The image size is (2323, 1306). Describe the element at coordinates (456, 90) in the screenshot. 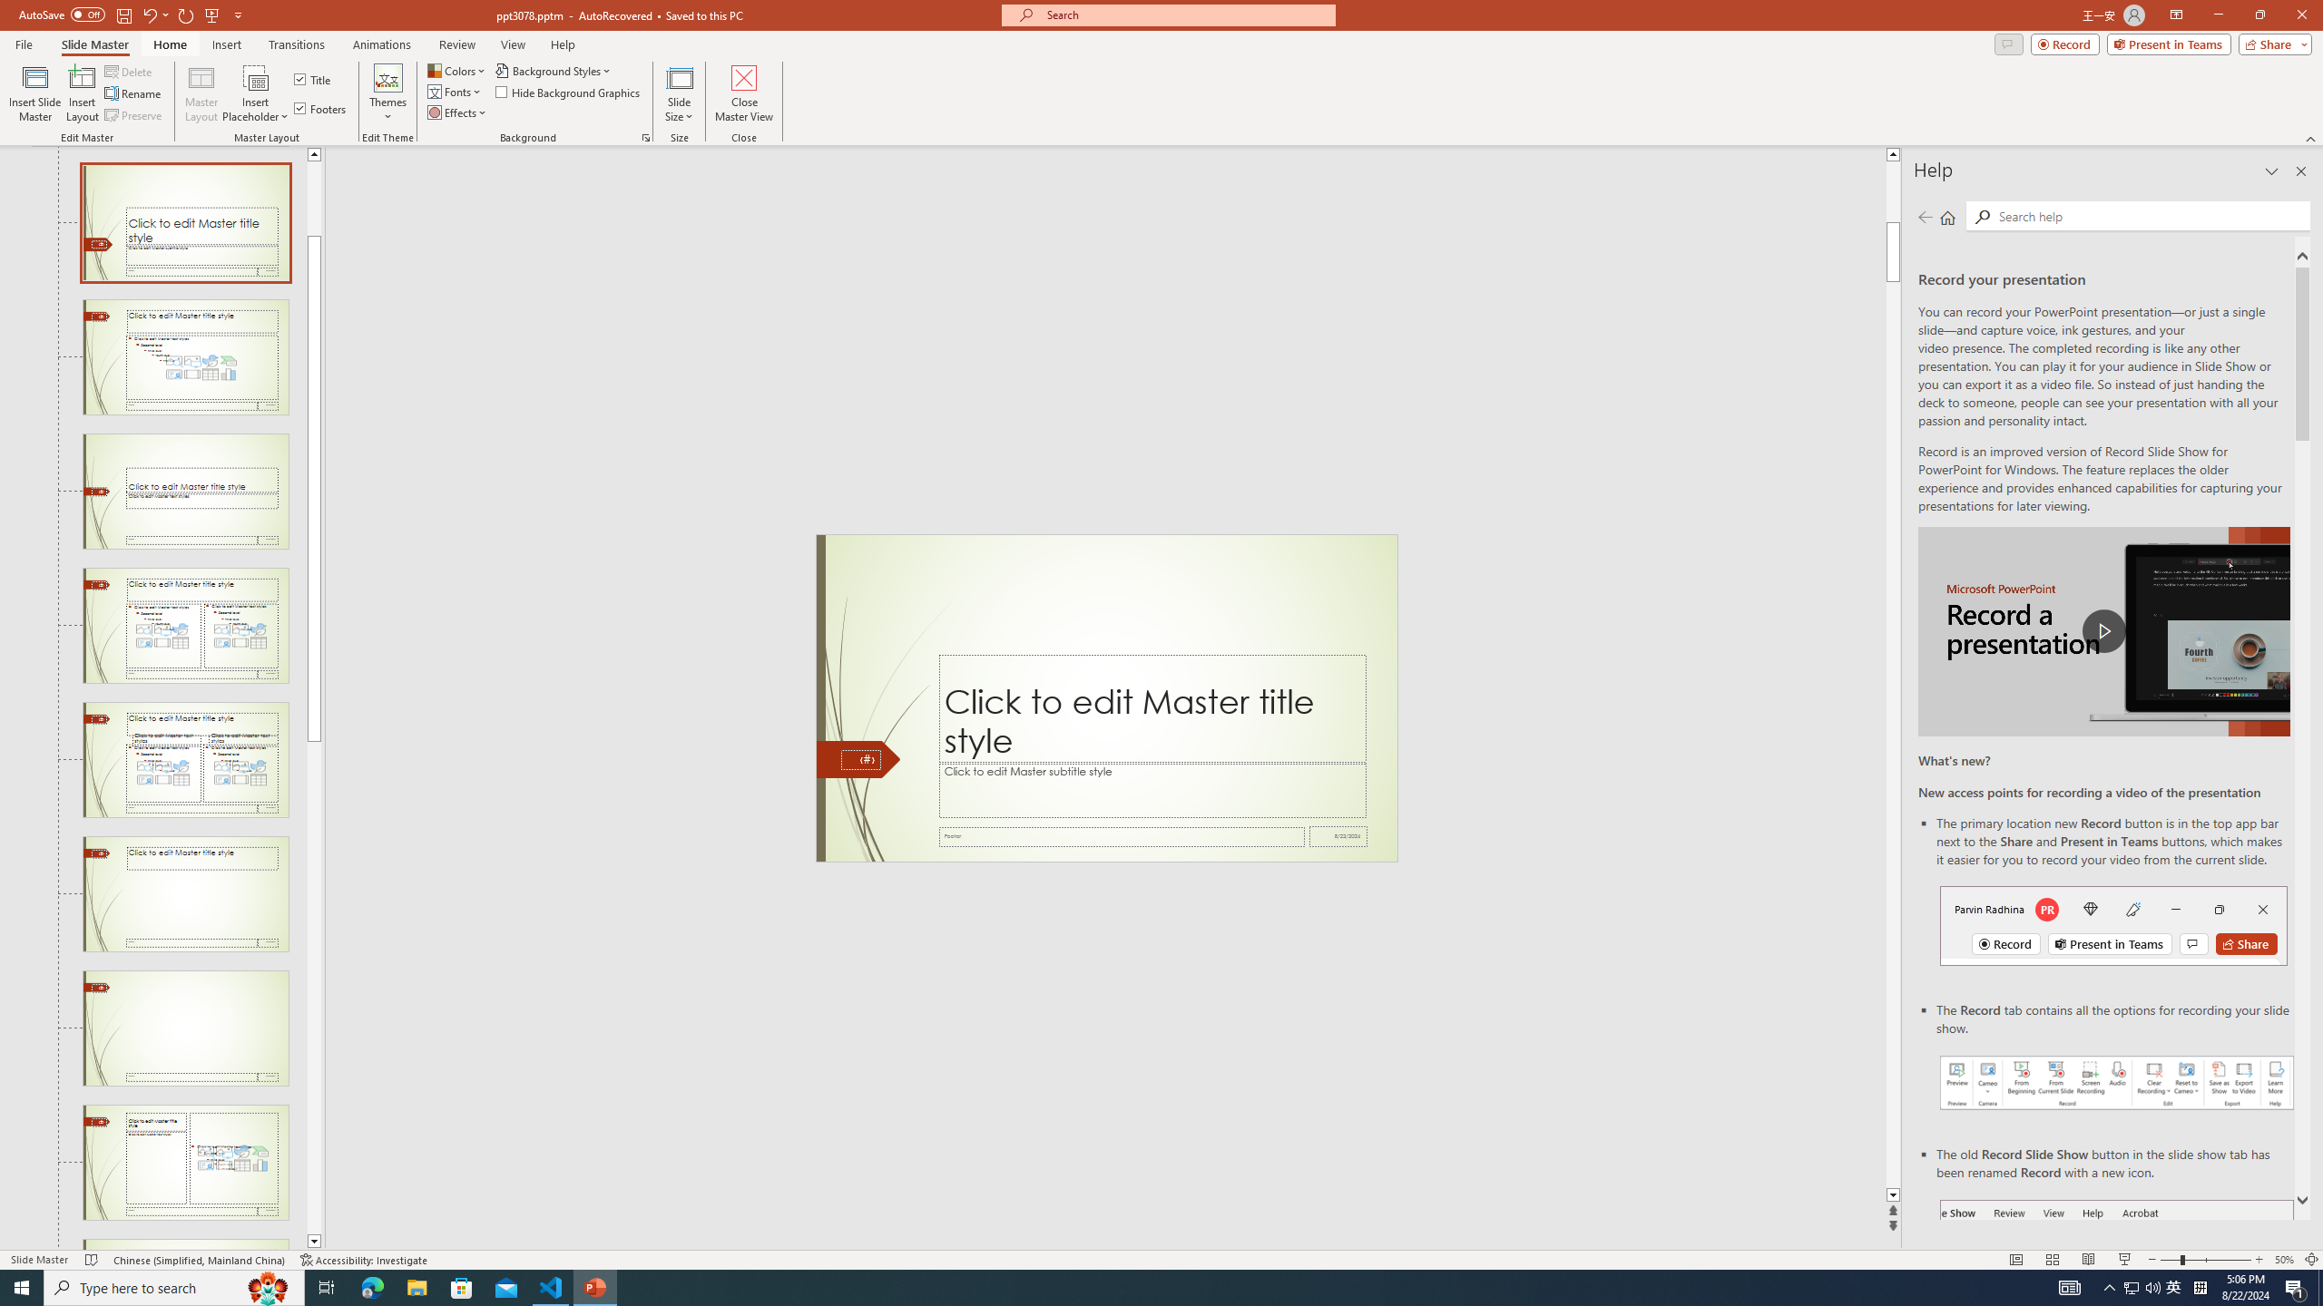

I see `'Fonts'` at that location.